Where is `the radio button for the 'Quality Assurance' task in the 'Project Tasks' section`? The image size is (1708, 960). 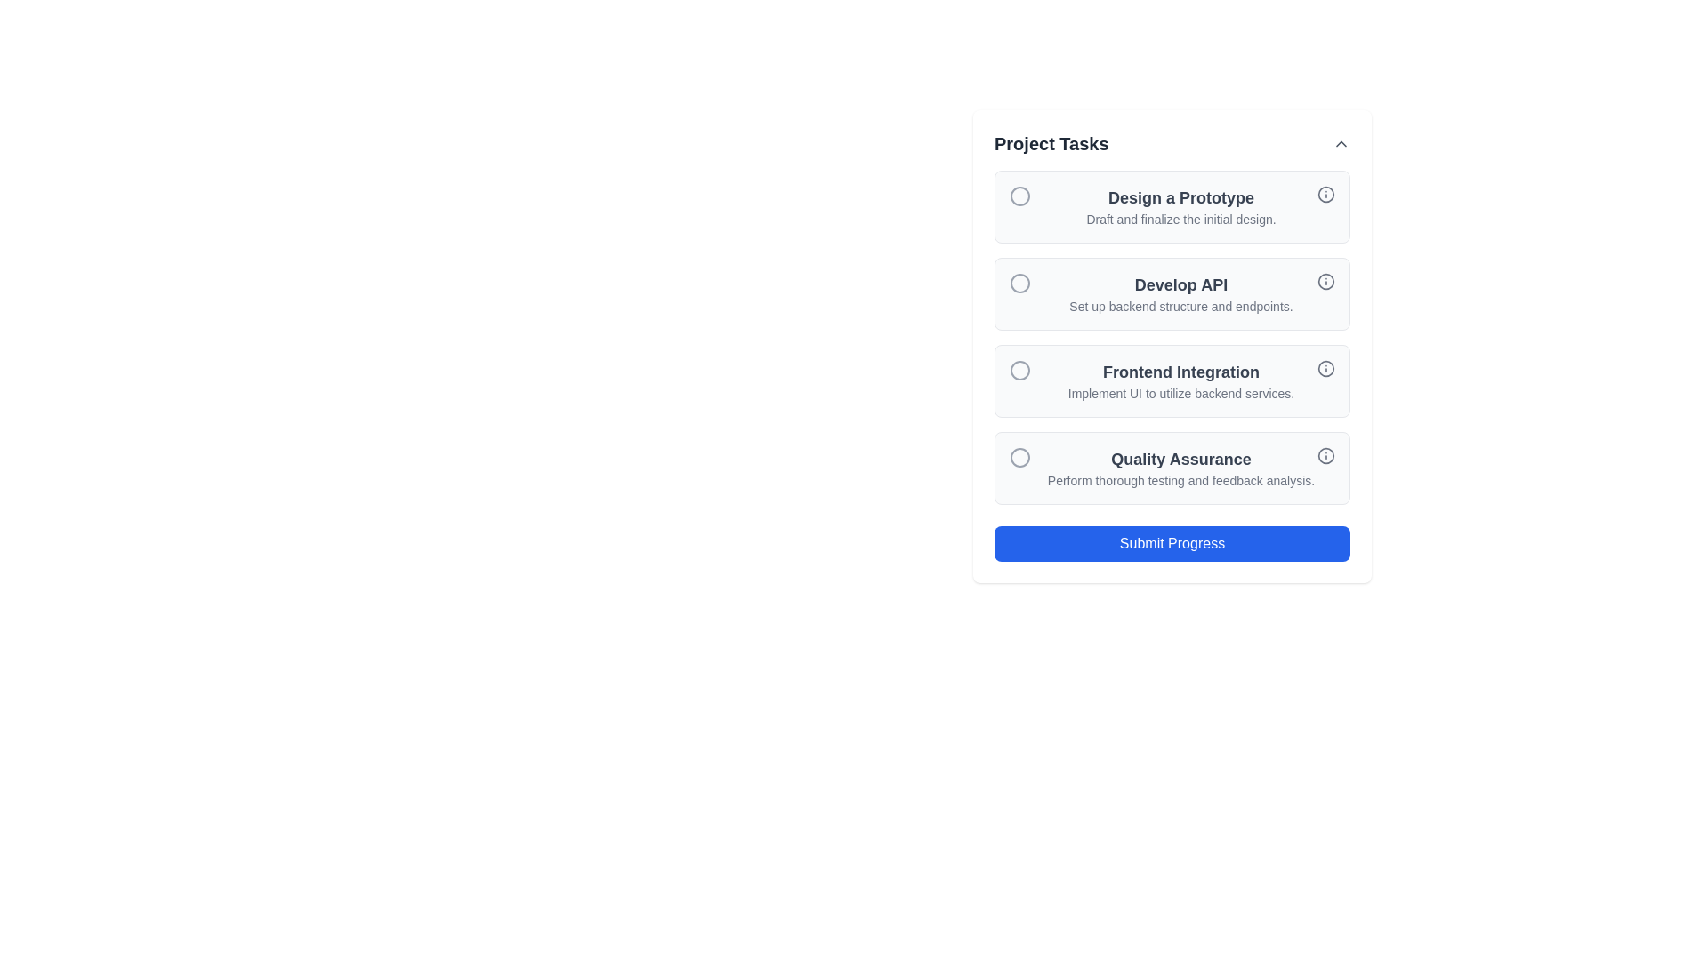 the radio button for the 'Quality Assurance' task in the 'Project Tasks' section is located at coordinates (1020, 457).